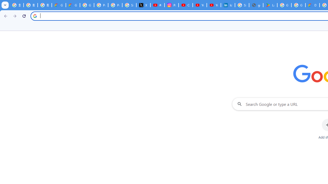 Image resolution: width=328 pixels, height=184 pixels. What do you see at coordinates (227, 5) in the screenshot?
I see `'Identity verification via Persona | LinkedIn Help'` at bounding box center [227, 5].